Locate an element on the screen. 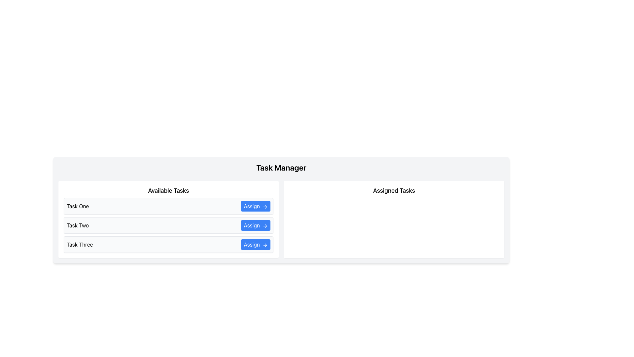 The height and width of the screenshot is (357, 634). the 'Assign' button with a vivid blue background and white text located in the 'Available Tasks' section, specifically in the second row labeled 'Task Two', on the far right side is located at coordinates (255, 225).